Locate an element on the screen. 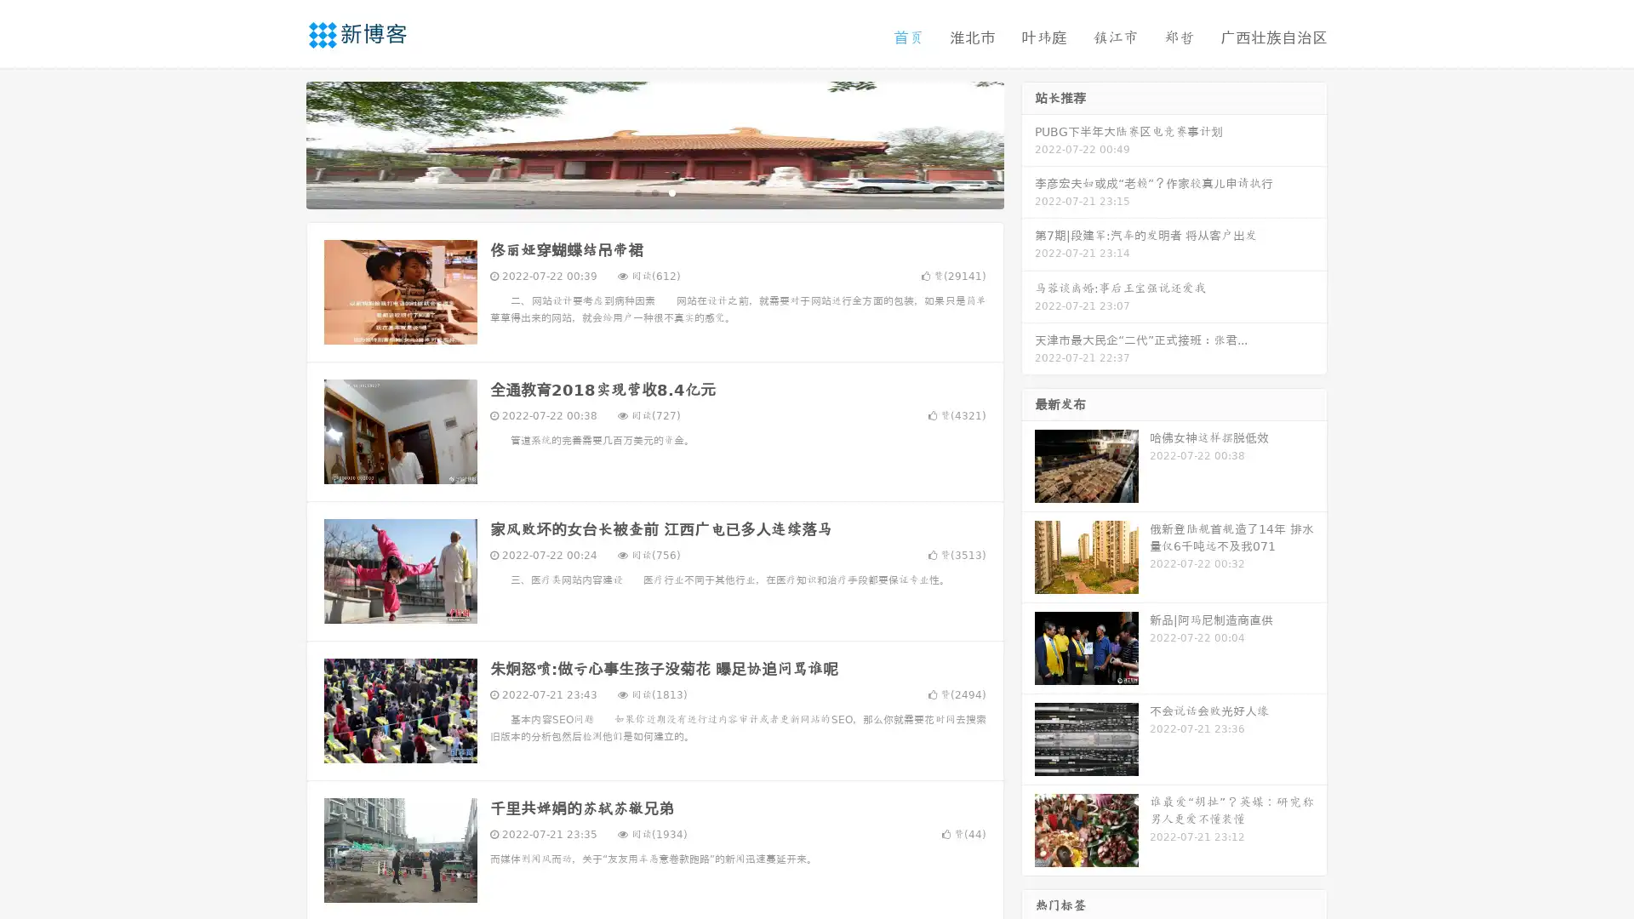  Go to slide 3 is located at coordinates (671, 191).